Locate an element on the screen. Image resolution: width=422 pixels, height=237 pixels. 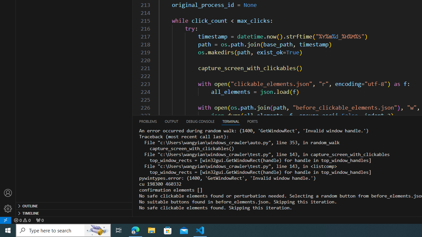
'No Problems' is located at coordinates (22, 220).